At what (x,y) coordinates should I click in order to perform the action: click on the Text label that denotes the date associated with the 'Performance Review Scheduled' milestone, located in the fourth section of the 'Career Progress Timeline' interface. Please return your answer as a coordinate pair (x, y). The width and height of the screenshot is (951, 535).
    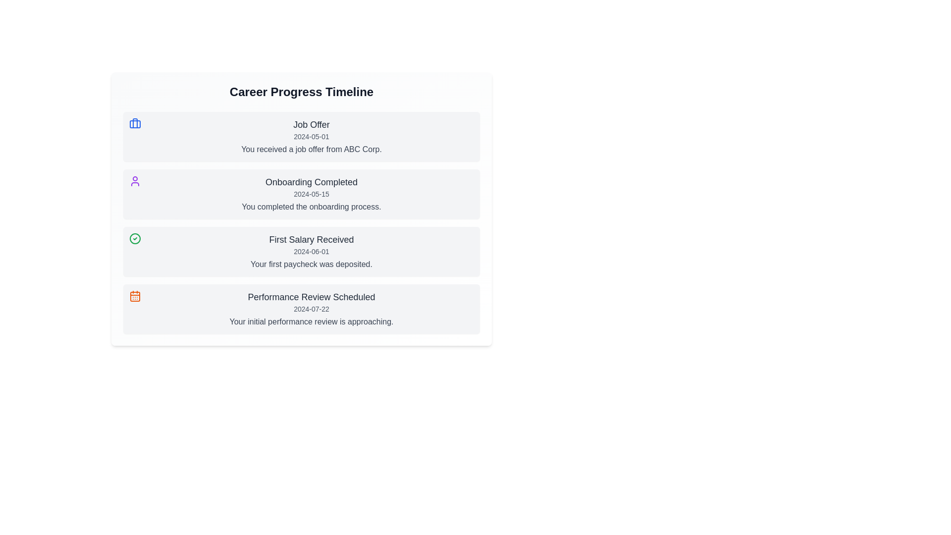
    Looking at the image, I should click on (311, 309).